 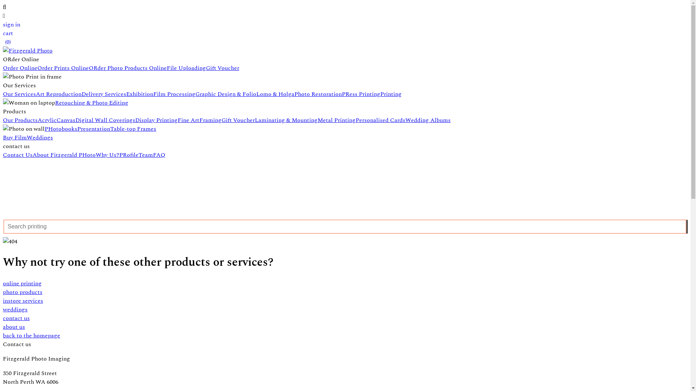 What do you see at coordinates (103, 93) in the screenshot?
I see `'Delivery Services'` at bounding box center [103, 93].